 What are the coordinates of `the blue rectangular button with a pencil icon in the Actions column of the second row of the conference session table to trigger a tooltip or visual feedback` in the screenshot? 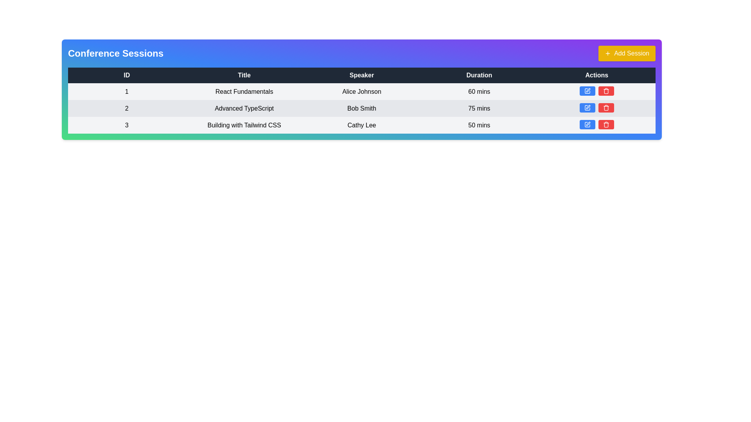 It's located at (587, 108).